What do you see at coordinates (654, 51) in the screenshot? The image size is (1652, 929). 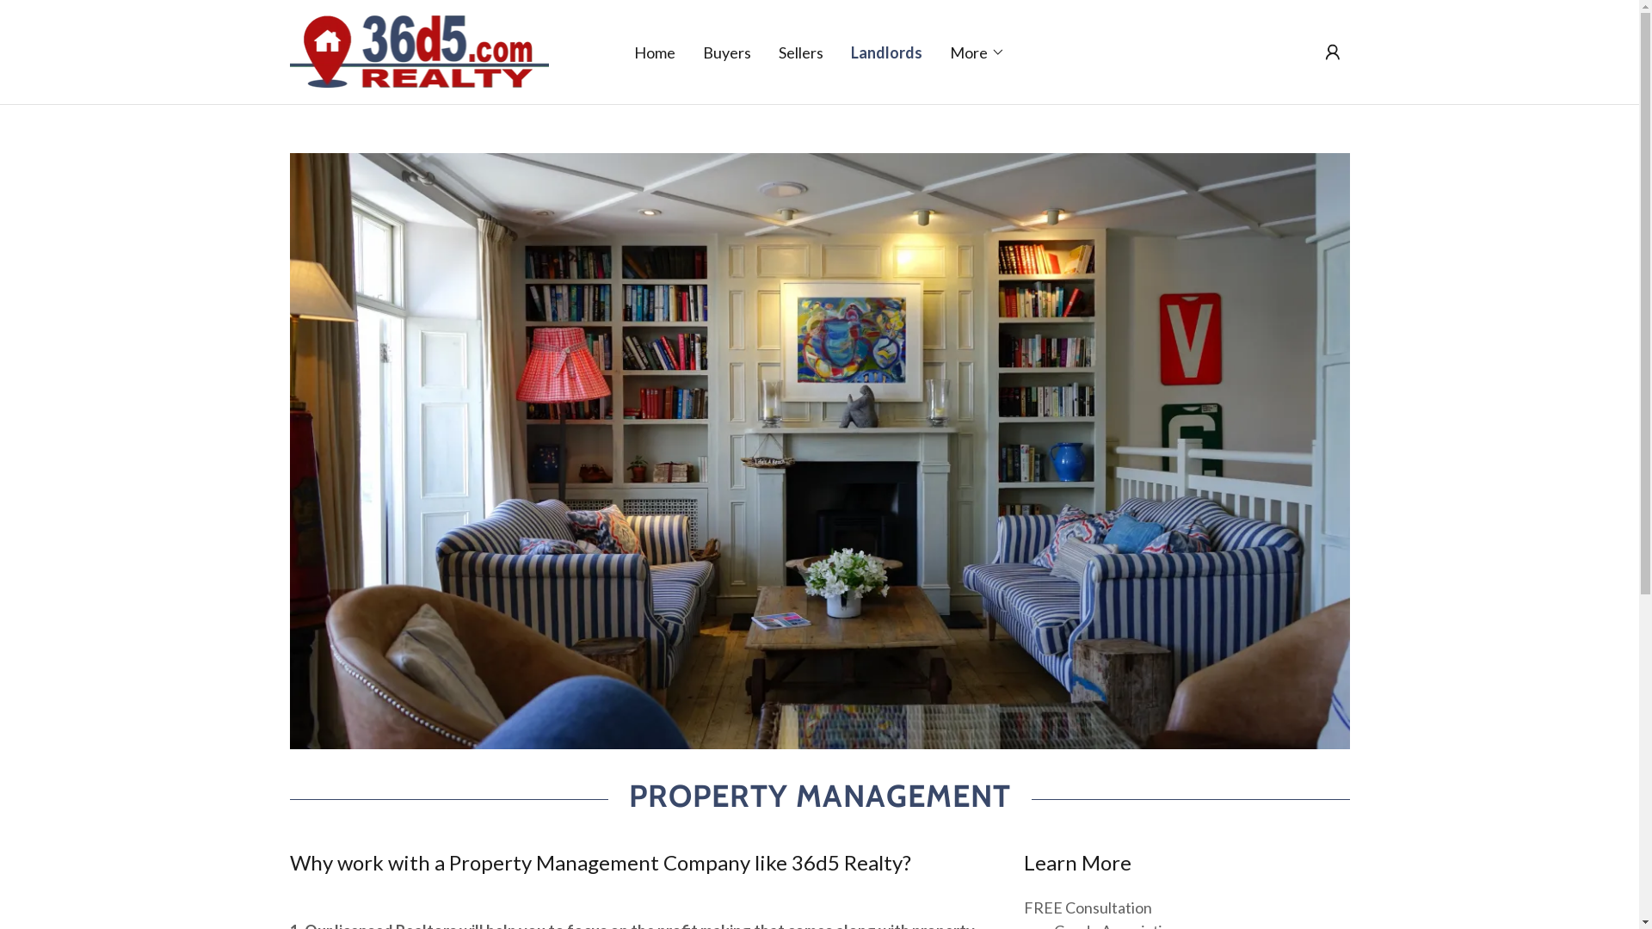 I see `'Home'` at bounding box center [654, 51].